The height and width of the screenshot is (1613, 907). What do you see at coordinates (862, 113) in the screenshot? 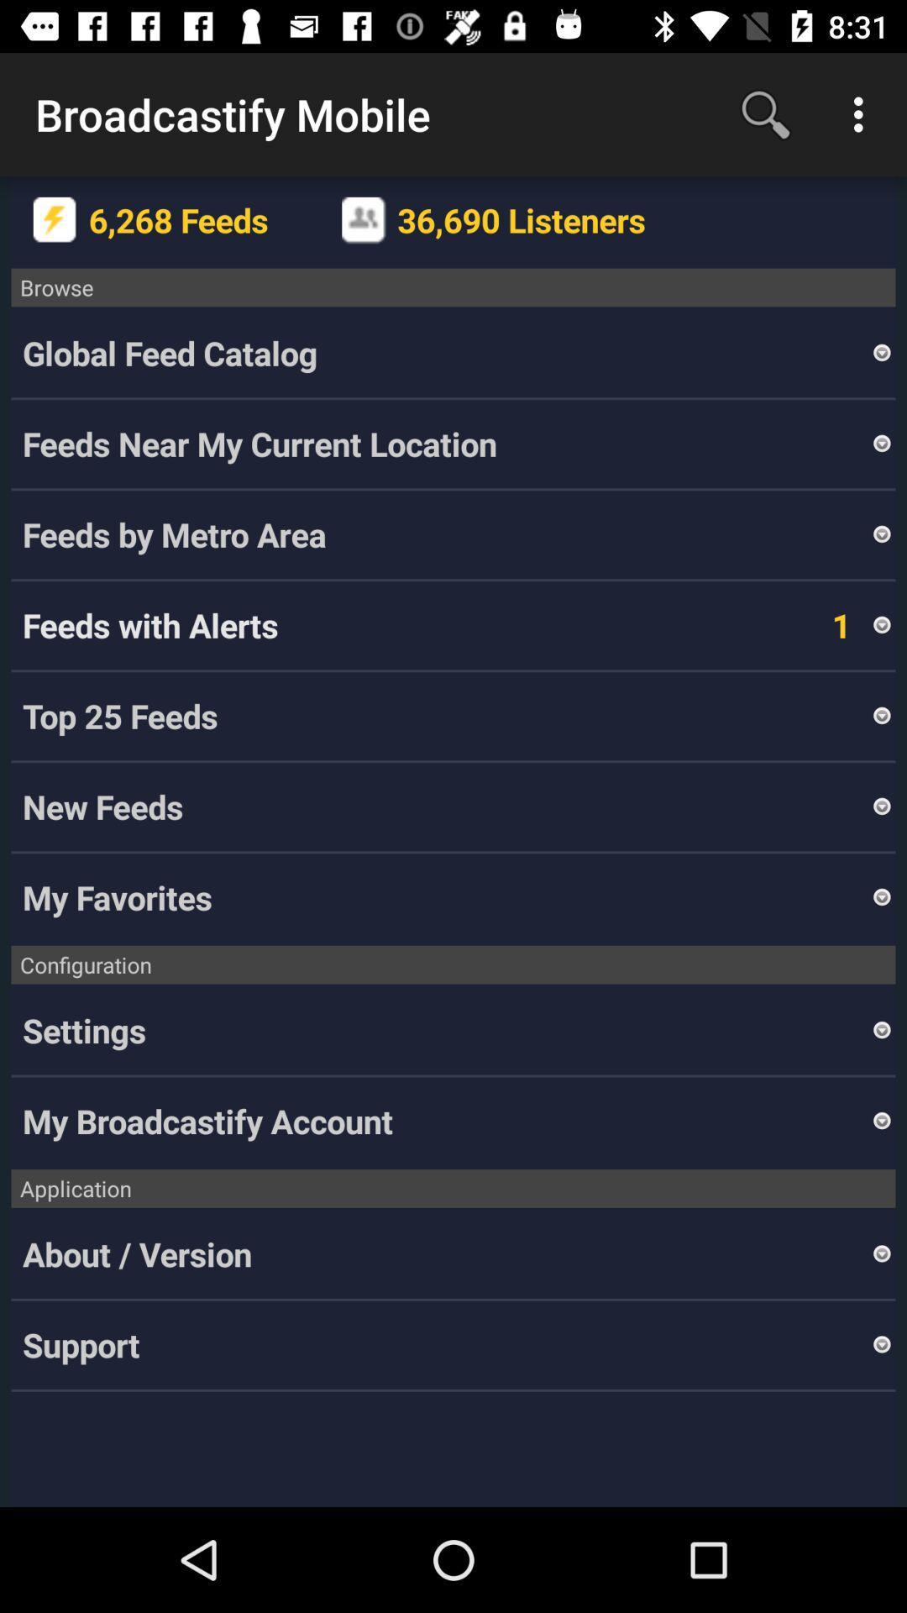
I see `item above browse item` at bounding box center [862, 113].